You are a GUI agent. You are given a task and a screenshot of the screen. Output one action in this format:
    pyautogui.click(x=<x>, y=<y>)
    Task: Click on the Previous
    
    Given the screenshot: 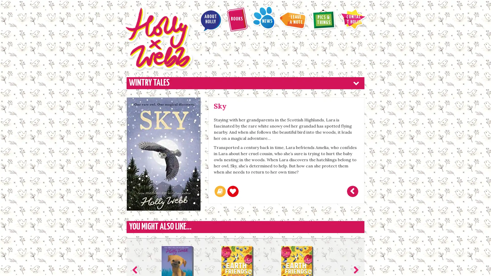 What is the action you would take?
    pyautogui.click(x=136, y=232)
    